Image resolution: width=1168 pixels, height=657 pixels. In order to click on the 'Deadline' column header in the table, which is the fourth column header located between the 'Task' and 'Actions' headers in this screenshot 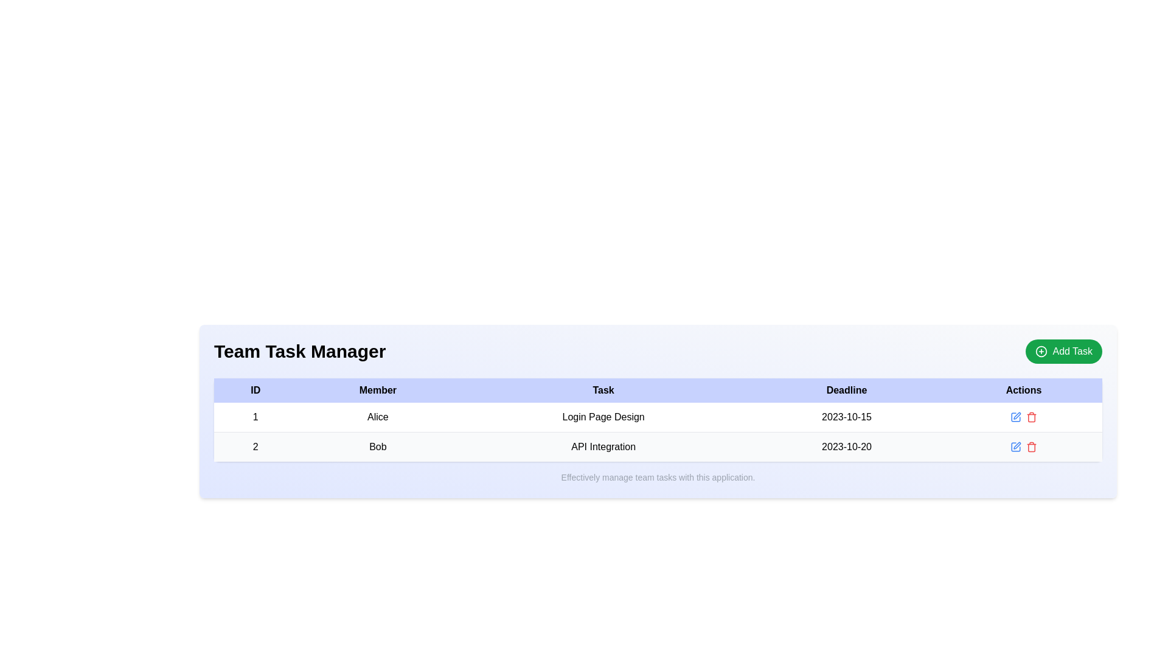, I will do `click(846, 390)`.